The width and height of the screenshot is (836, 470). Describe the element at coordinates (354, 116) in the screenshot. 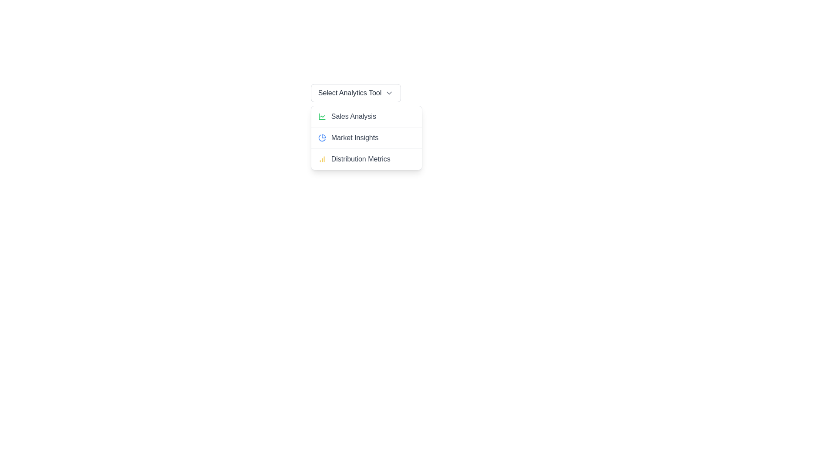

I see `the 'Sales Analysis' text label, which appears in gray font and is the first option in the drop-down menu under 'Select Analytics Tool'` at that location.